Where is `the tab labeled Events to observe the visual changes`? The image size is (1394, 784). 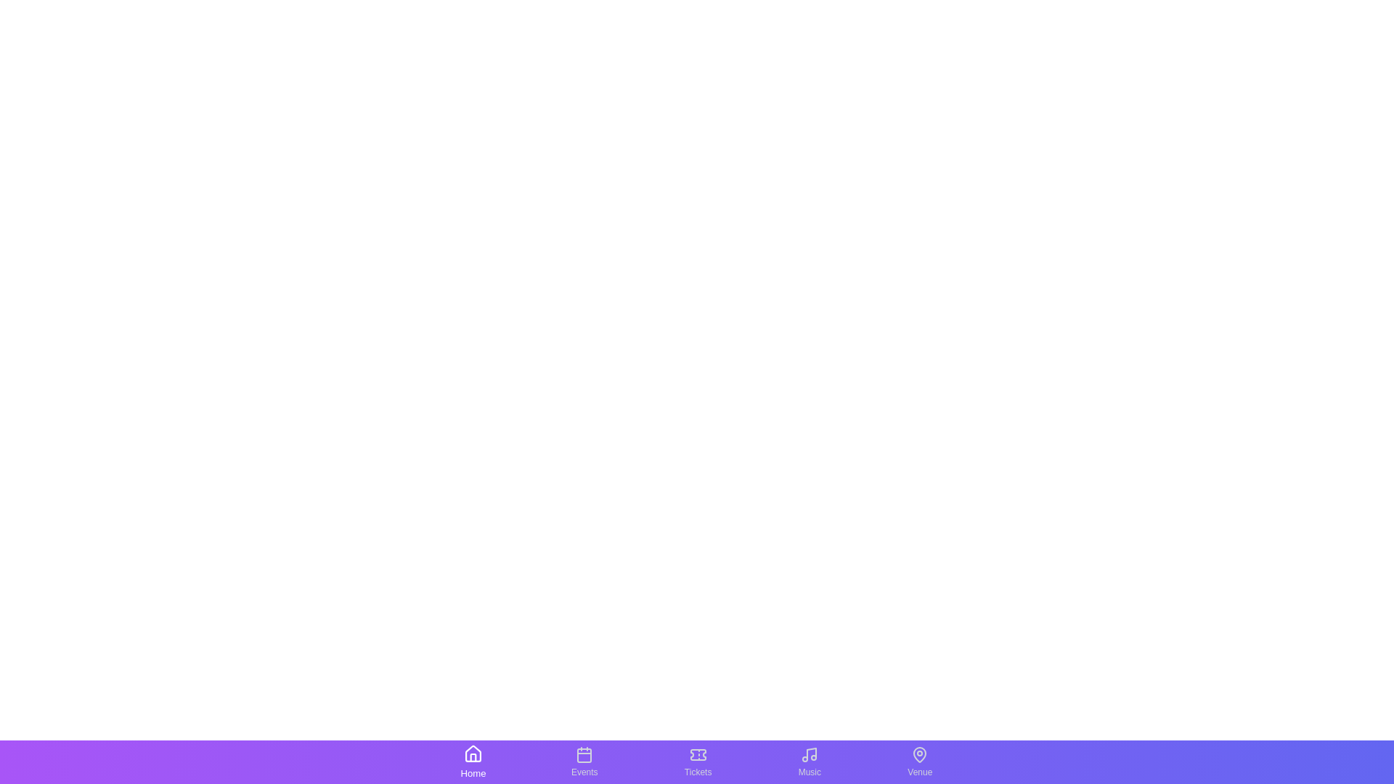
the tab labeled Events to observe the visual changes is located at coordinates (584, 761).